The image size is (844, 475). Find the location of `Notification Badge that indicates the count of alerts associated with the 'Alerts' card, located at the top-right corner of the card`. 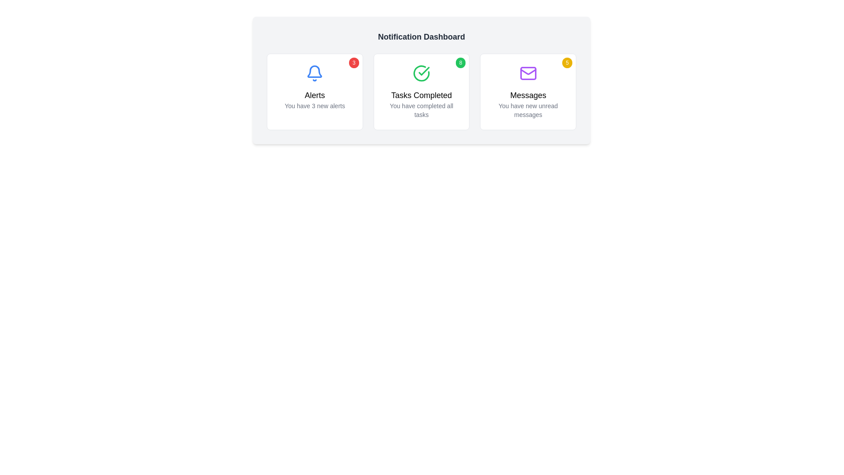

Notification Badge that indicates the count of alerts associated with the 'Alerts' card, located at the top-right corner of the card is located at coordinates (354, 62).